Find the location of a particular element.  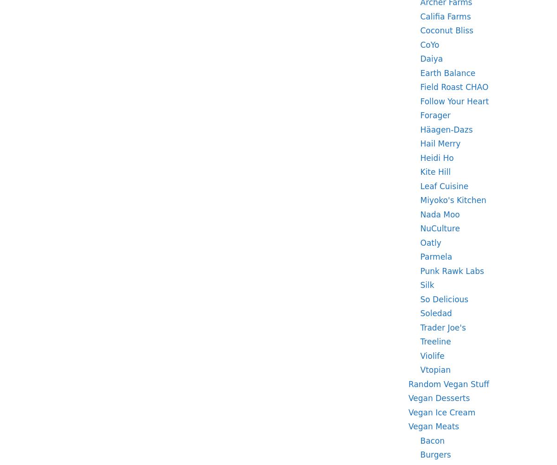

'Field Roast CHAO' is located at coordinates (454, 86).